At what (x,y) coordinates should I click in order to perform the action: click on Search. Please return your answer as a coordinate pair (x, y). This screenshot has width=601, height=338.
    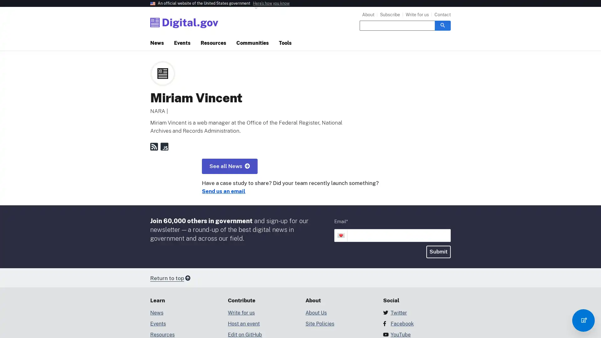
    Looking at the image, I should click on (442, 25).